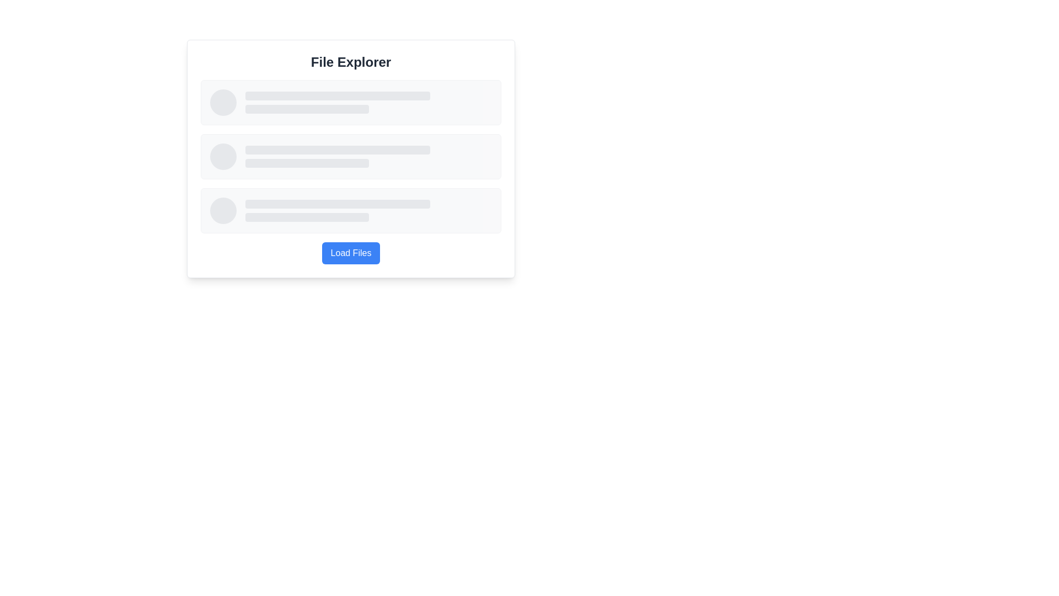 This screenshot has width=1059, height=596. What do you see at coordinates (350, 157) in the screenshot?
I see `the content of the placeholder in the second card, which has a light gray background, rounded corners, and a bordered outline, positioned between the first and third cards in a vertical list` at bounding box center [350, 157].